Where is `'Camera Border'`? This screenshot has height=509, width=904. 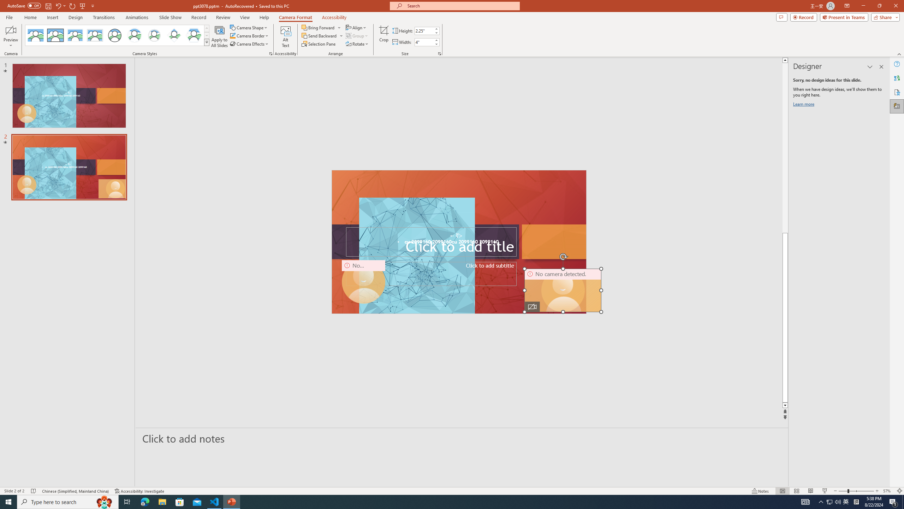 'Camera Border' is located at coordinates (249, 35).